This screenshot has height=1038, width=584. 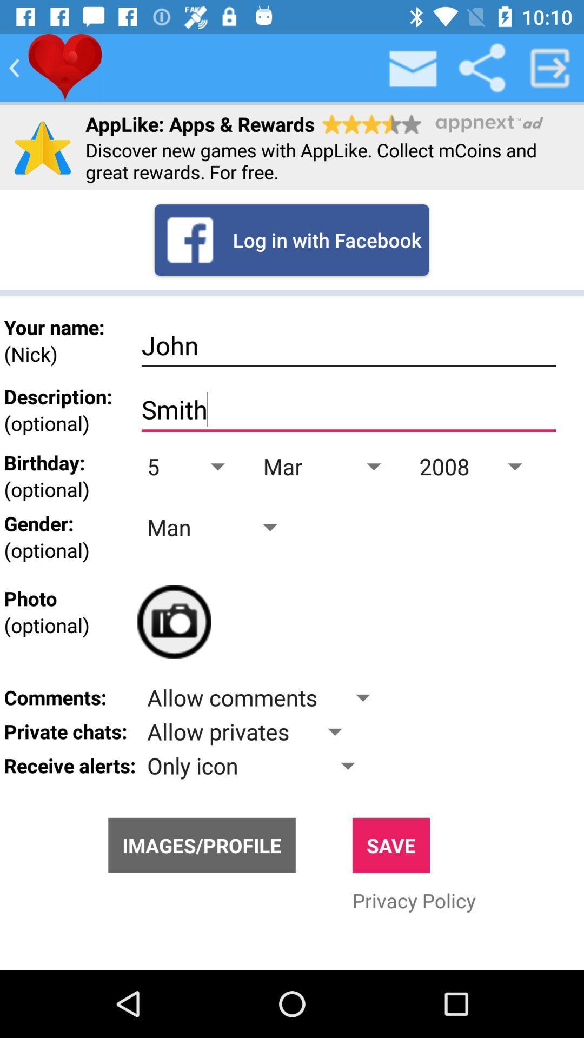 I want to click on the favorite icon, so click(x=65, y=67).